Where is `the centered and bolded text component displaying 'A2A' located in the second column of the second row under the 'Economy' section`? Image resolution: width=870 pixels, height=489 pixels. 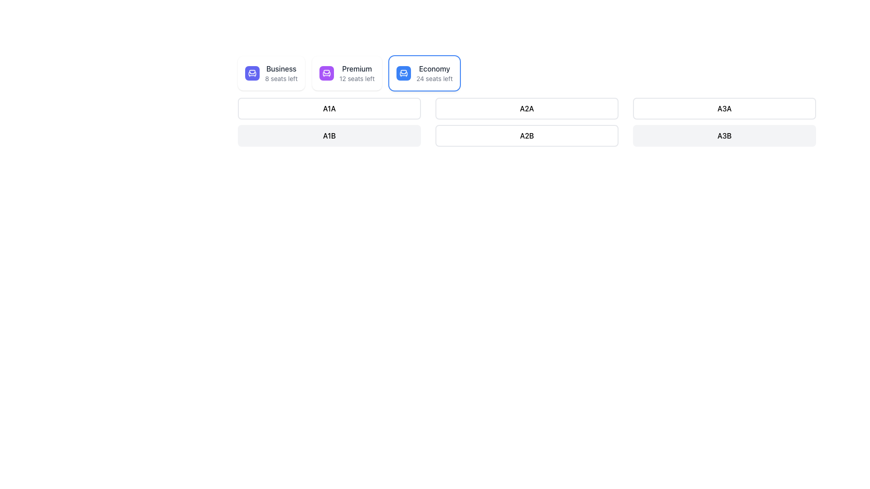 the centered and bolded text component displaying 'A2A' located in the second column of the second row under the 'Economy' section is located at coordinates (527, 108).